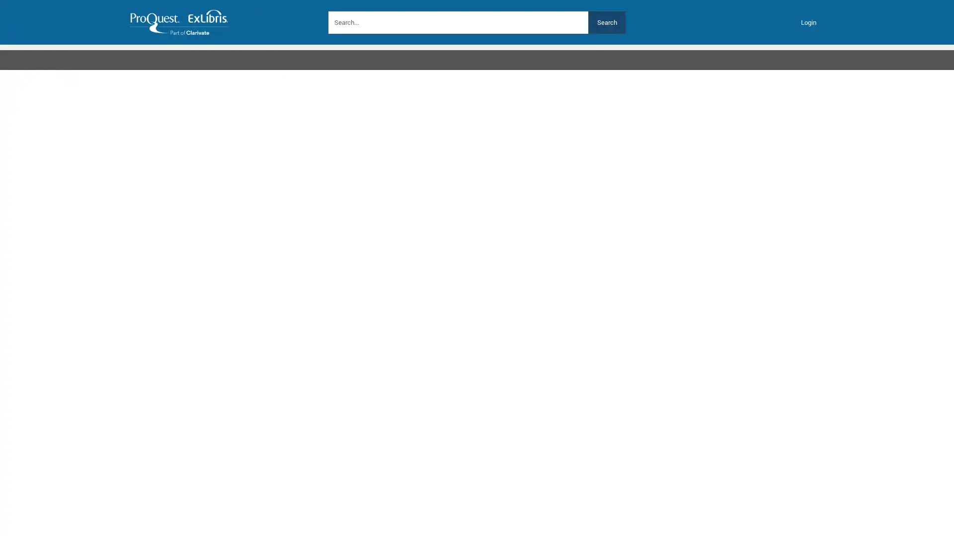 This screenshot has height=536, width=954. Describe the element at coordinates (302, 57) in the screenshot. I see `Contact Us` at that location.